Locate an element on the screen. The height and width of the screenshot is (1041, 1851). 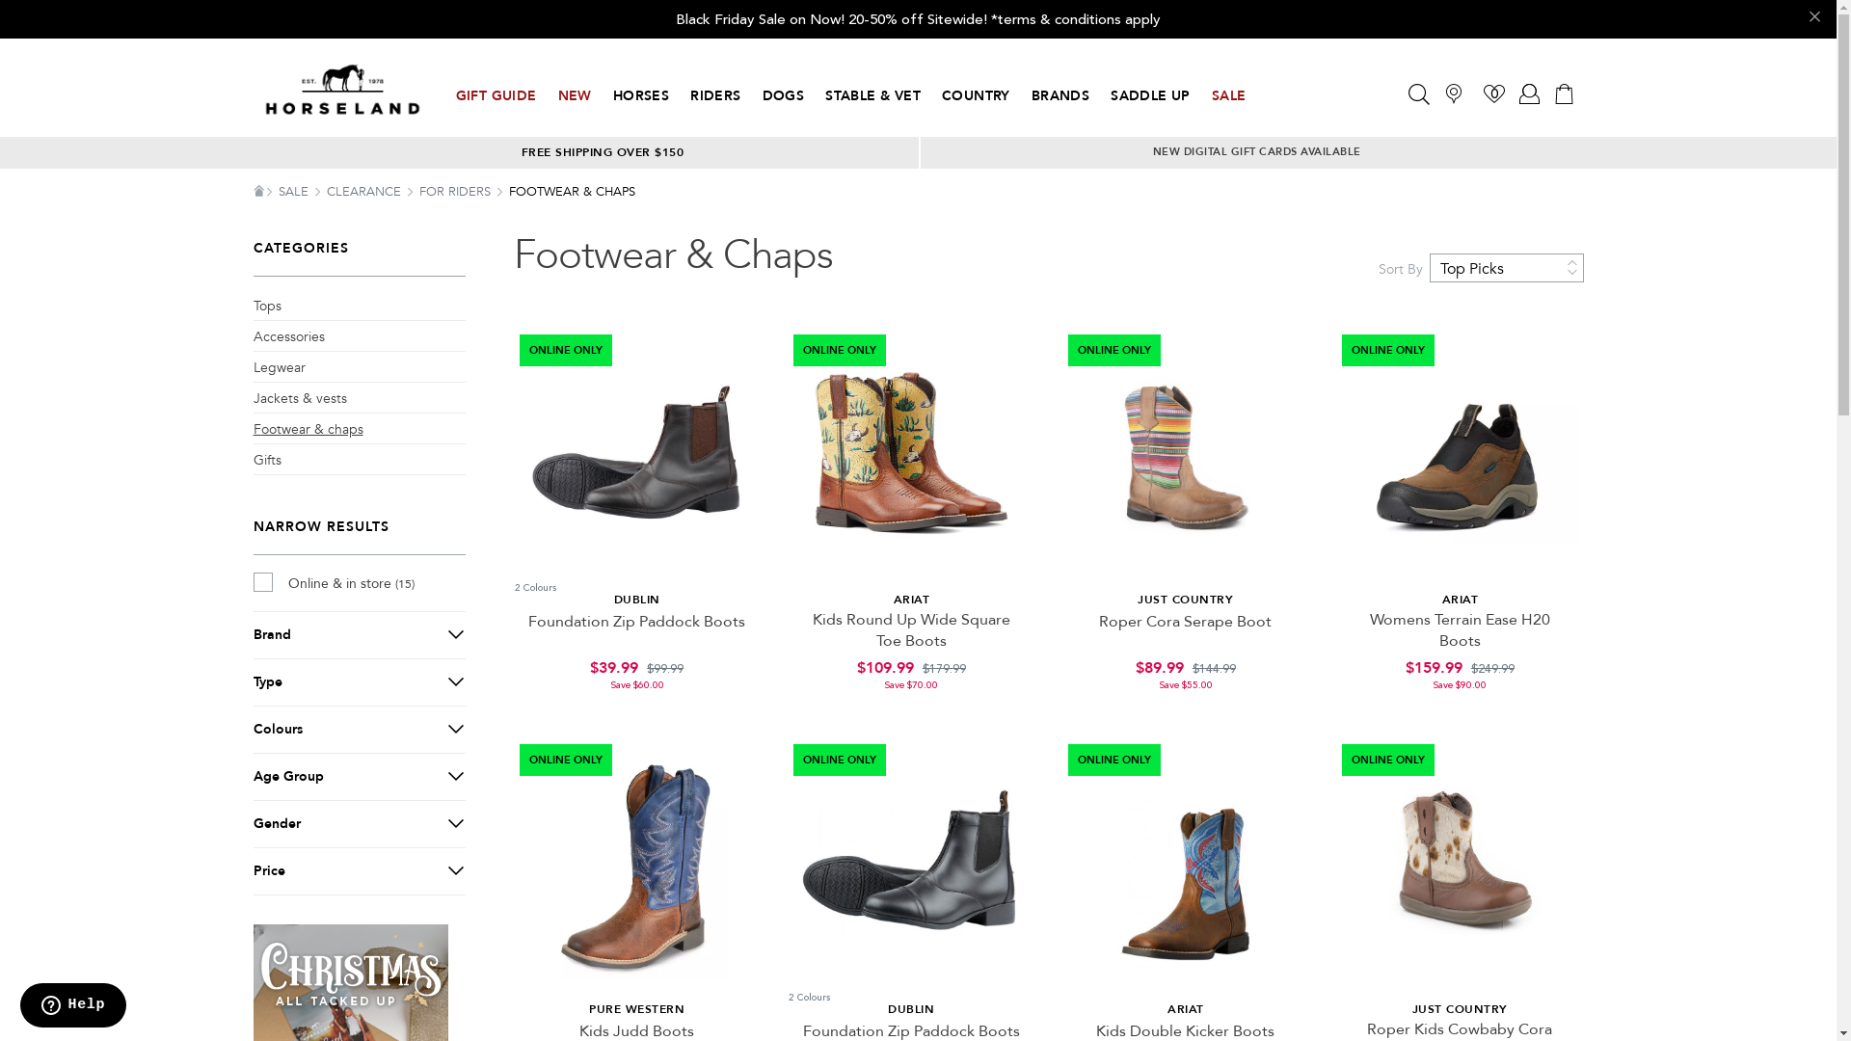
'HORSES' is located at coordinates (641, 96).